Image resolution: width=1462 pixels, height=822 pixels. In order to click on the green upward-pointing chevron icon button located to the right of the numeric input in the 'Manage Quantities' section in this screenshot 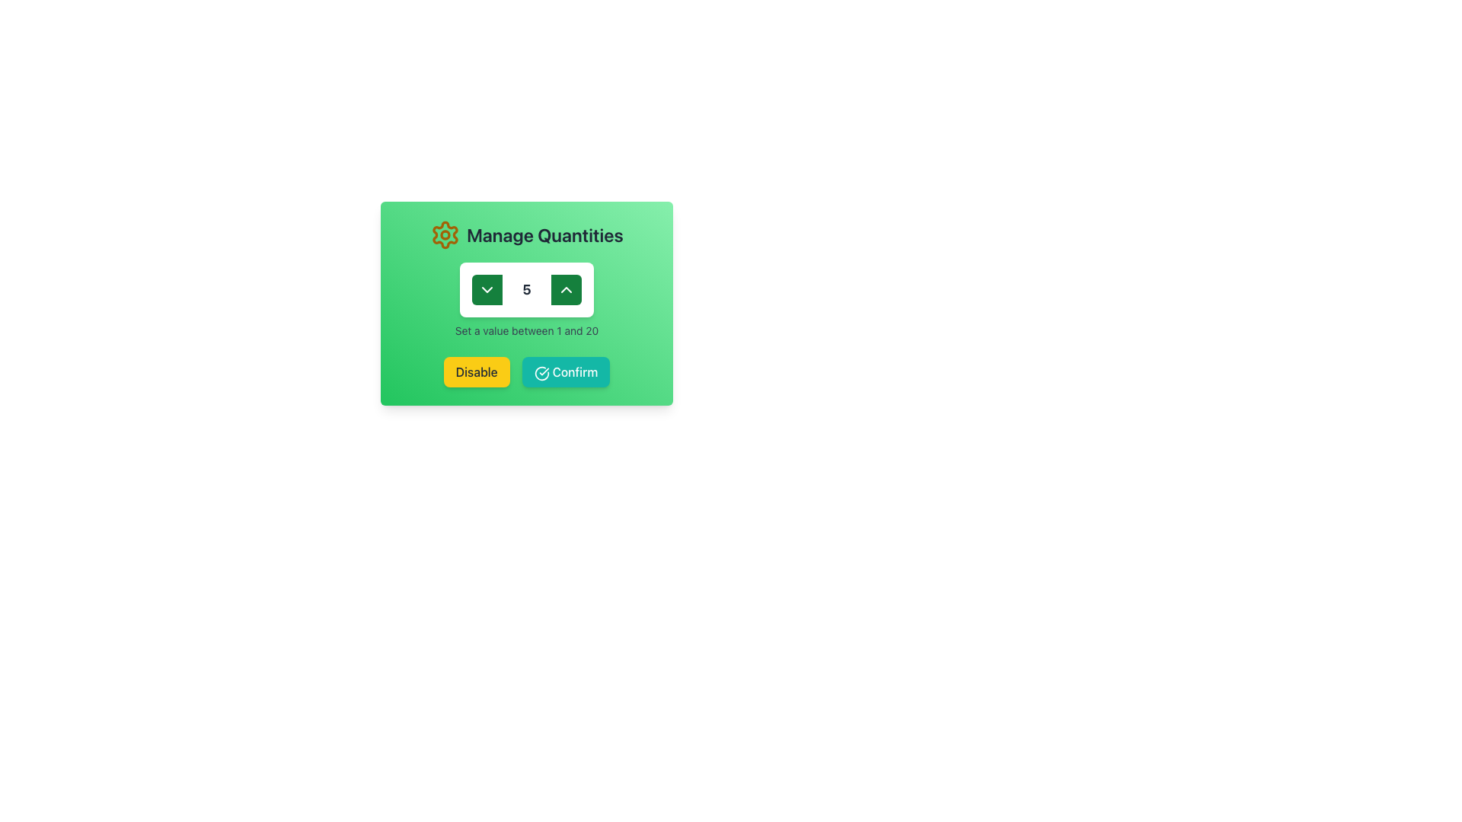, I will do `click(566, 290)`.